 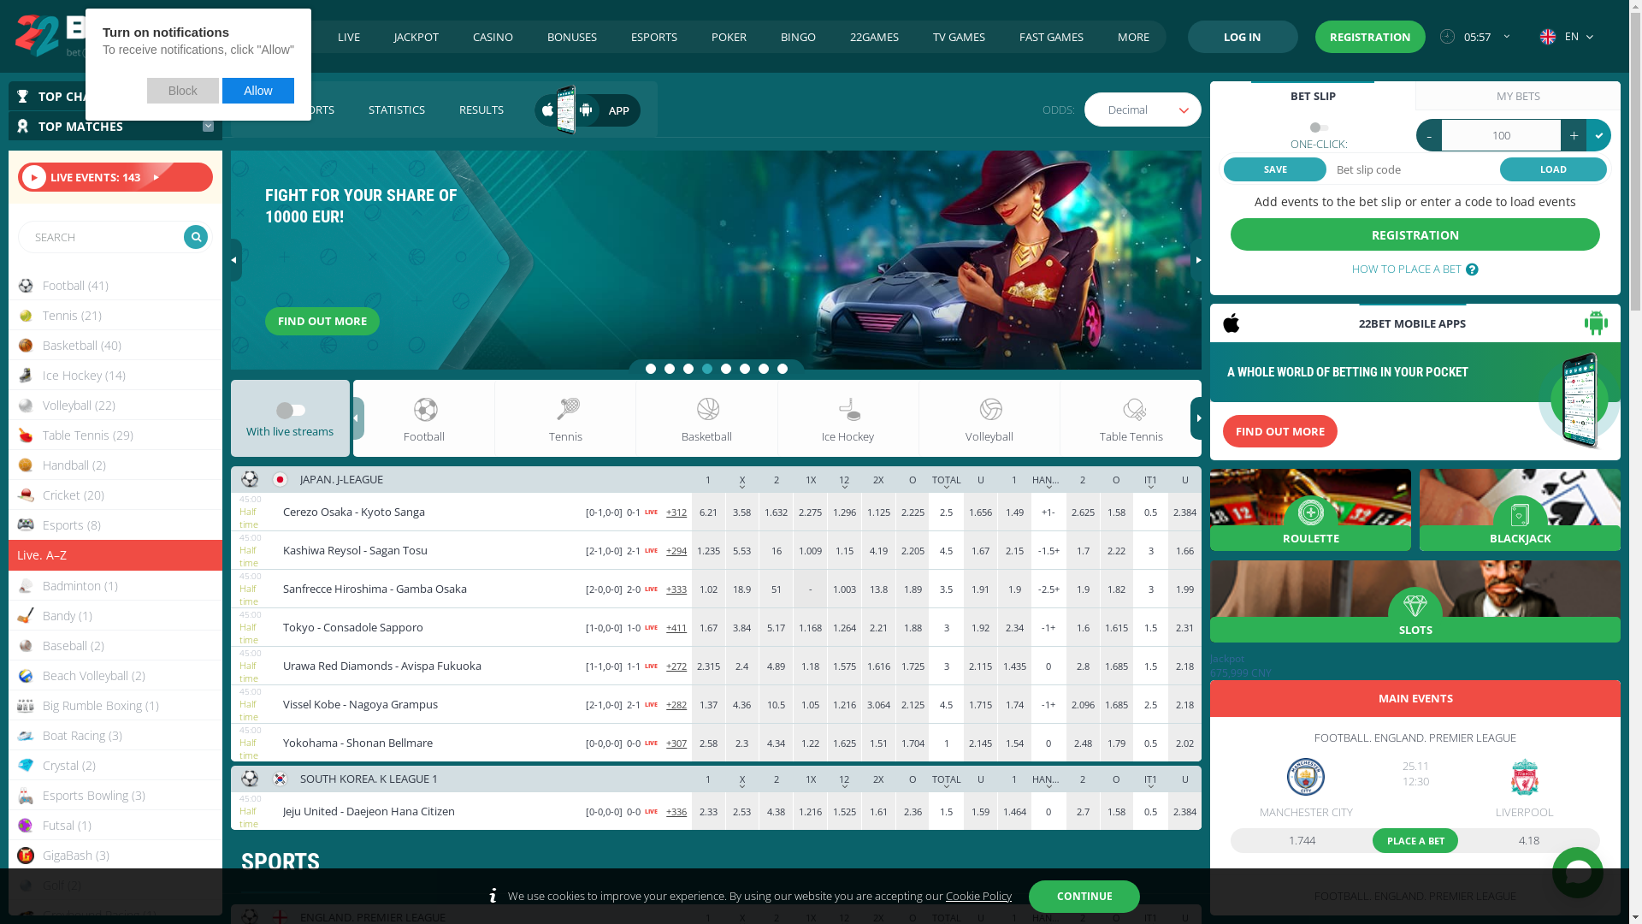 What do you see at coordinates (797, 36) in the screenshot?
I see `'BINGO'` at bounding box center [797, 36].